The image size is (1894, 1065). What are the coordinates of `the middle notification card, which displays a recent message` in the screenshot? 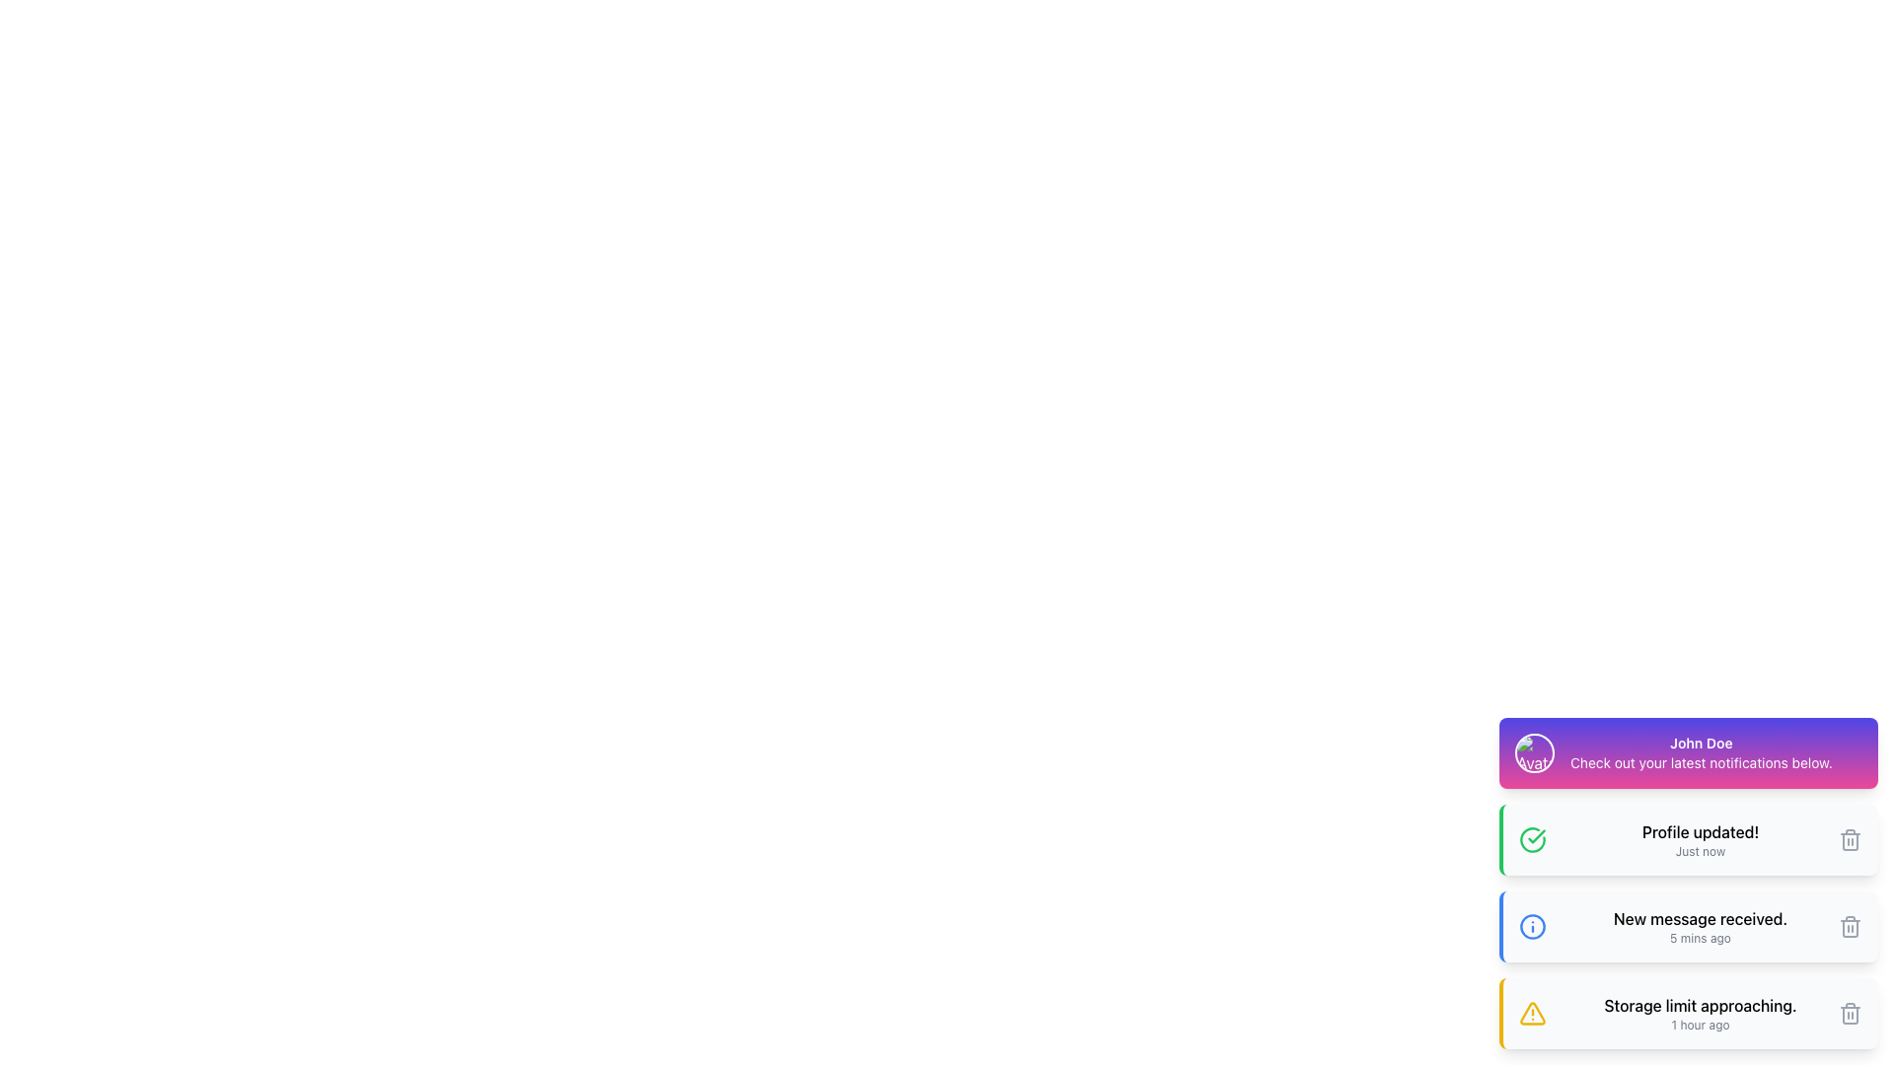 It's located at (1688, 882).